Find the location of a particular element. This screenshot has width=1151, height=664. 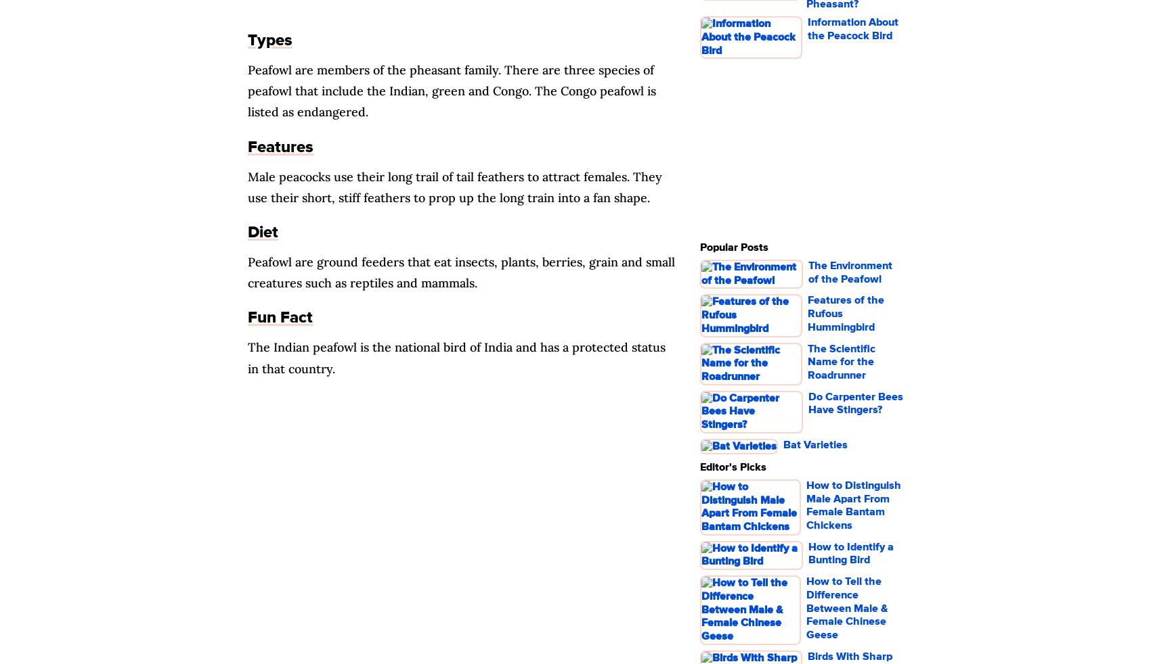

'How to Tell the Difference Between Male & Female Chinese Geese' is located at coordinates (805, 608).